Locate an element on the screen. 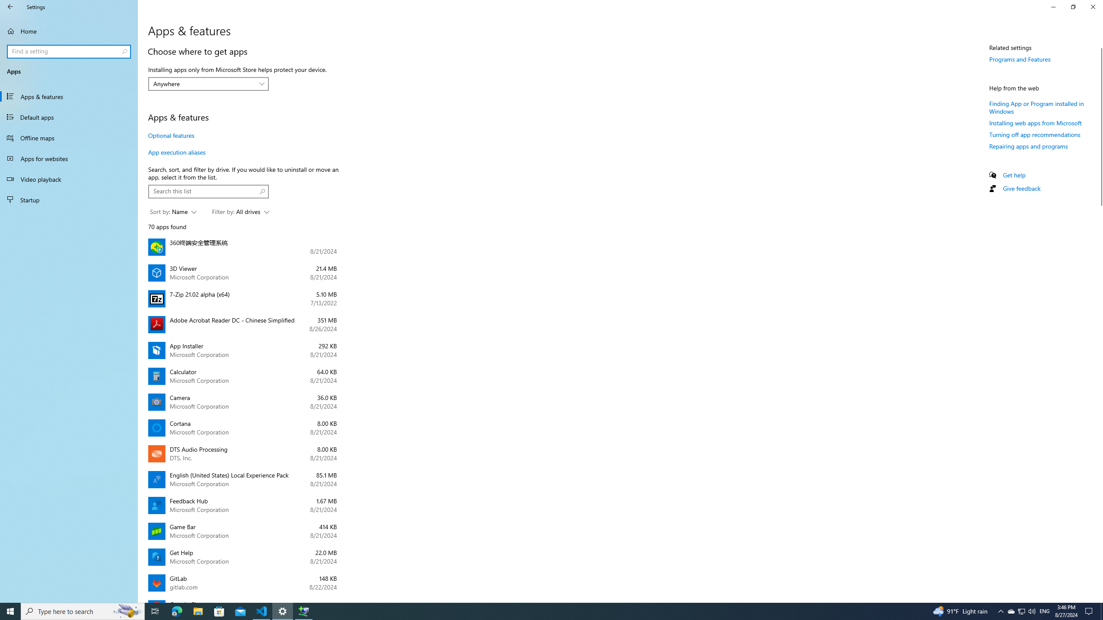 The height and width of the screenshot is (620, 1103). 'Minimize Settings' is located at coordinates (1053, 6).